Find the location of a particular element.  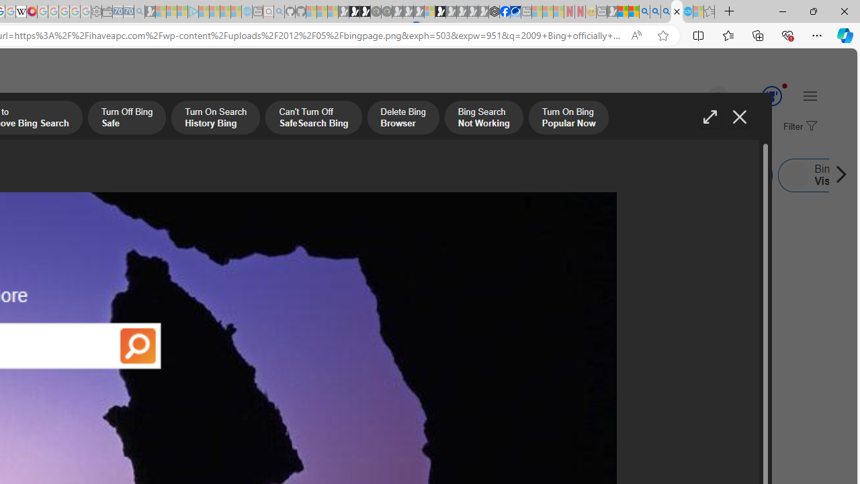

'Cheap Car Rentals - Save70.com - Sleeping' is located at coordinates (128, 11).